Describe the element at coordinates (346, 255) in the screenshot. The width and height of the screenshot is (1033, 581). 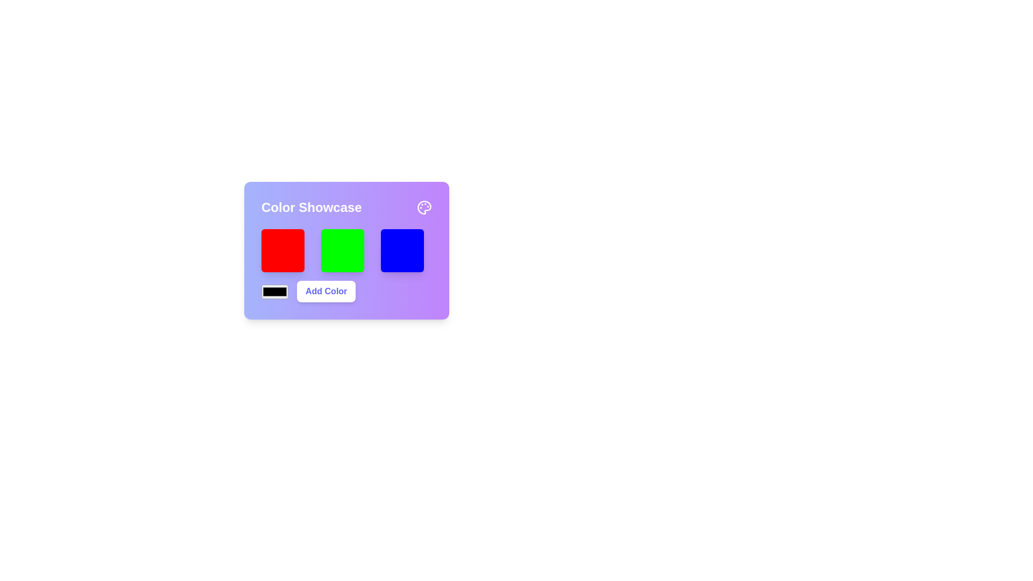
I see `the Color display grid` at that location.